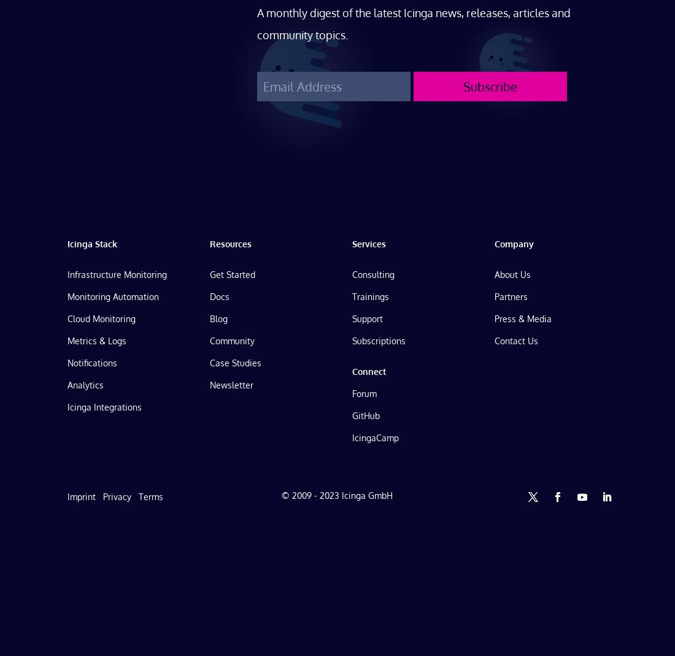 Image resolution: width=675 pixels, height=656 pixels. I want to click on 'Partners', so click(494, 295).